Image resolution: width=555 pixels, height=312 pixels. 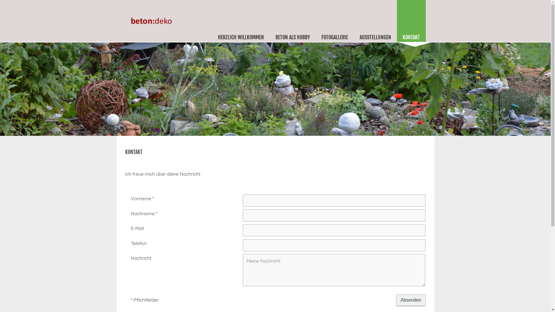 What do you see at coordinates (410, 300) in the screenshot?
I see `'Absenden'` at bounding box center [410, 300].